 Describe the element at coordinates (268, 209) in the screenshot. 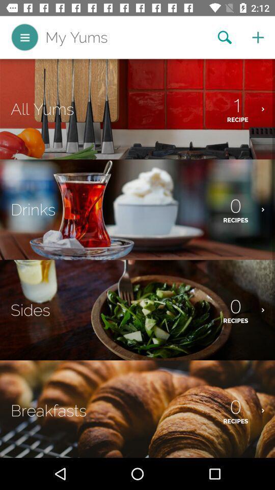

I see `the  arrow in the drinks category` at that location.